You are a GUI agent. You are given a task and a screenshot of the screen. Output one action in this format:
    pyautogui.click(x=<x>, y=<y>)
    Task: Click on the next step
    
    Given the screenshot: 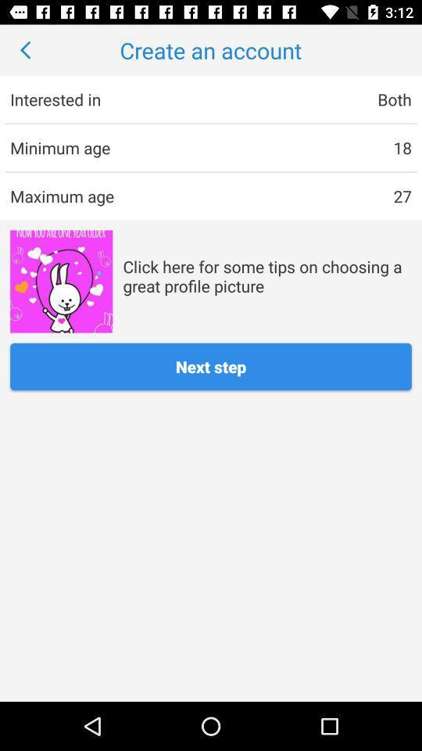 What is the action you would take?
    pyautogui.click(x=211, y=366)
    